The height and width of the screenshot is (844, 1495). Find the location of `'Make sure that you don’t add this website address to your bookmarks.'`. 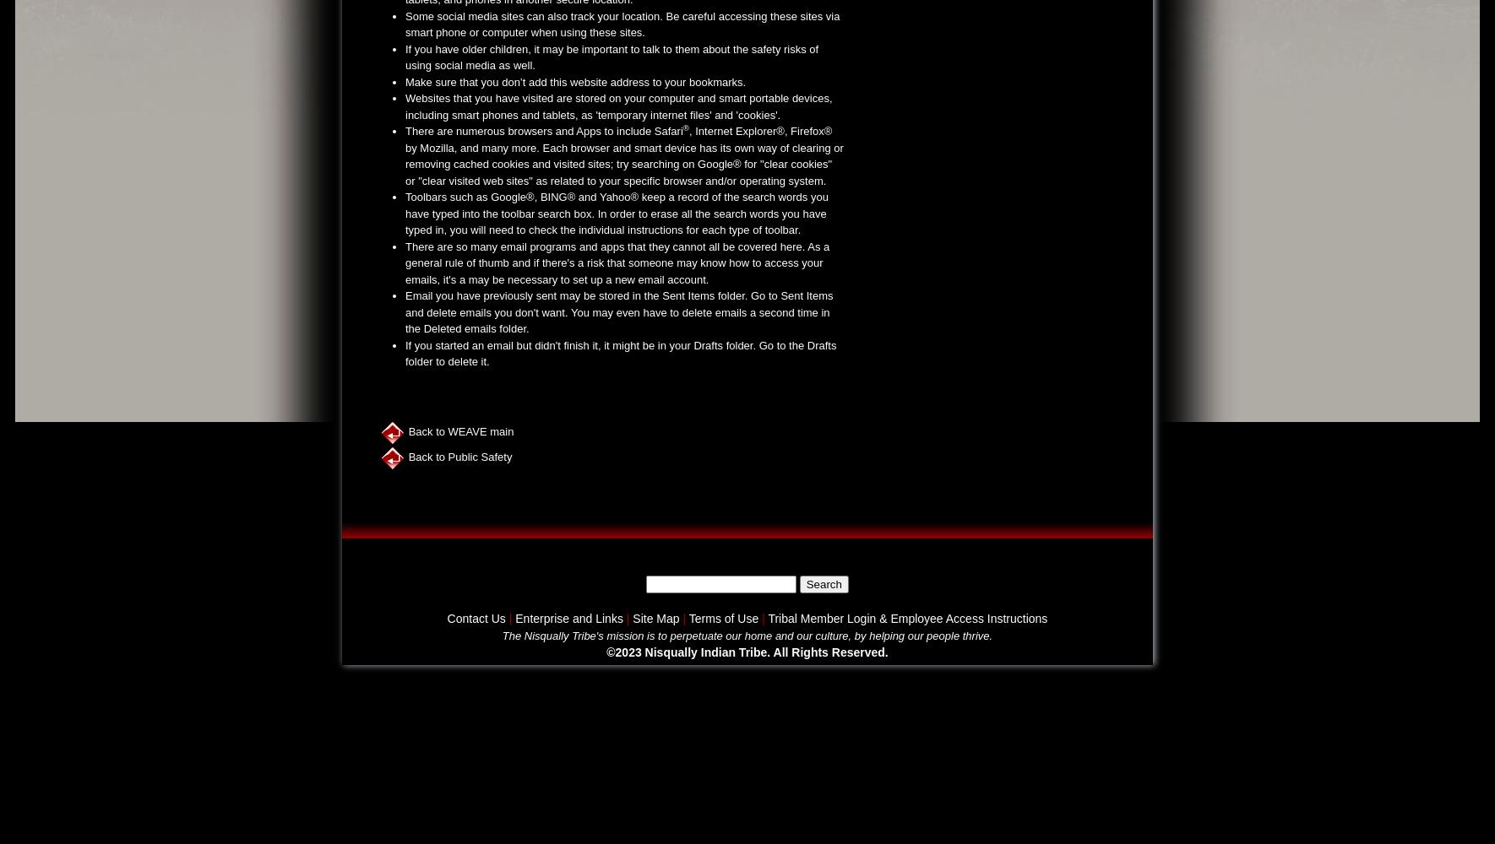

'Make sure that you don’t add this website address to your bookmarks.' is located at coordinates (574, 80).